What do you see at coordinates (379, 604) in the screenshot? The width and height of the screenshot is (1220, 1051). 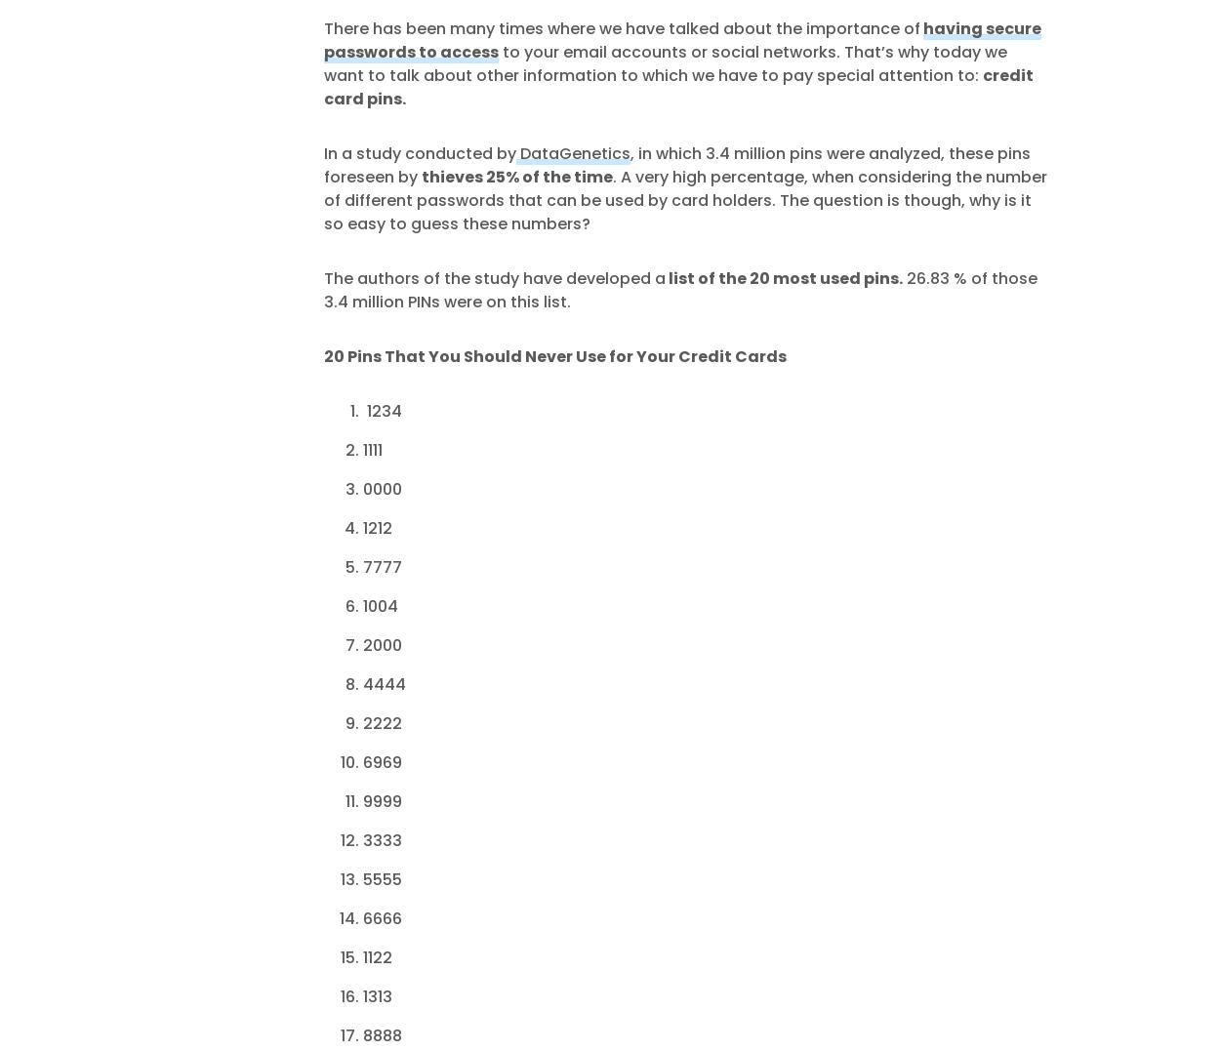 I see `'1004'` at bounding box center [379, 604].